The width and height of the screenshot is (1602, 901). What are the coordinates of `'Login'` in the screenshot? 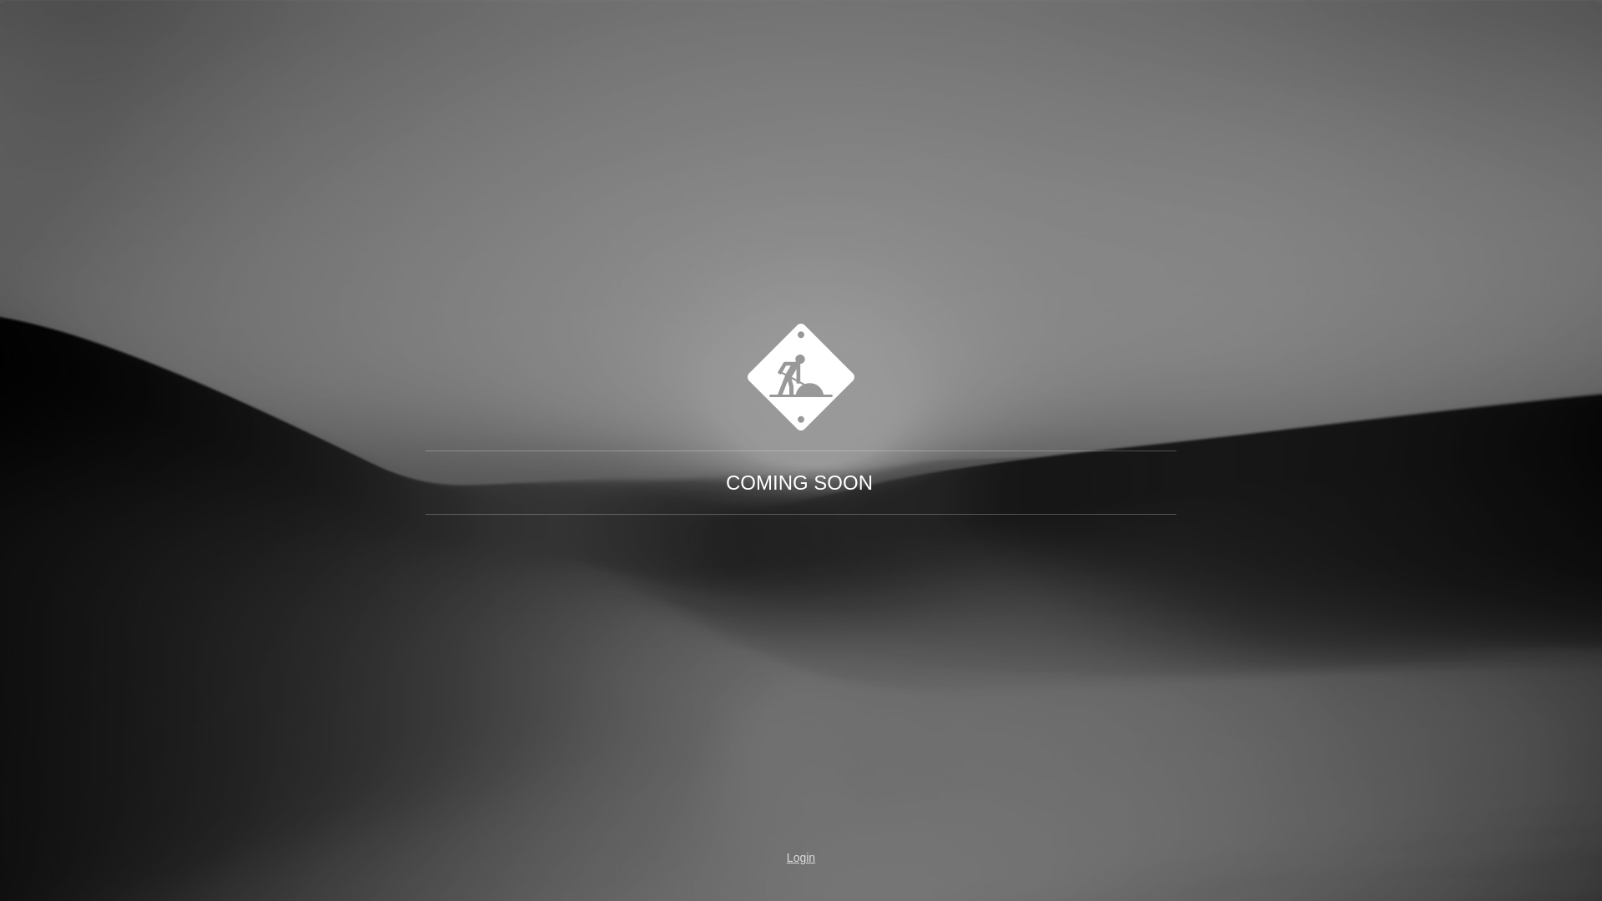 It's located at (801, 858).